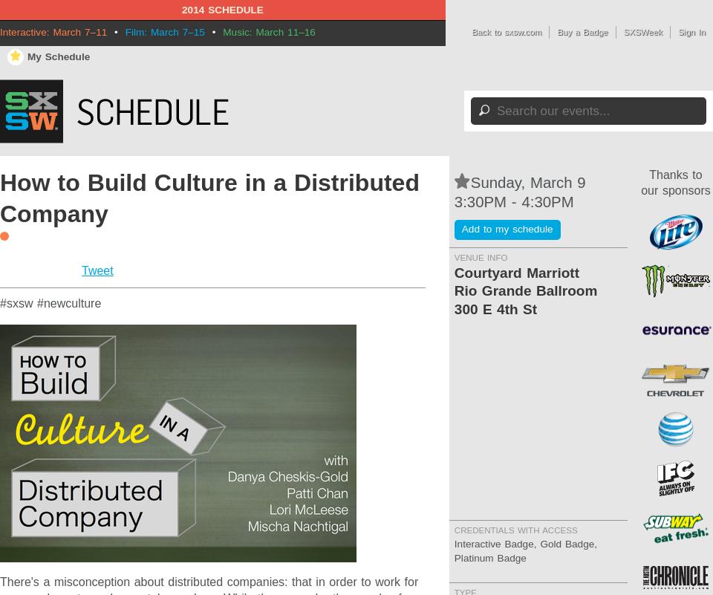  Describe the element at coordinates (164, 31) in the screenshot. I see `'Film: March 7–15'` at that location.